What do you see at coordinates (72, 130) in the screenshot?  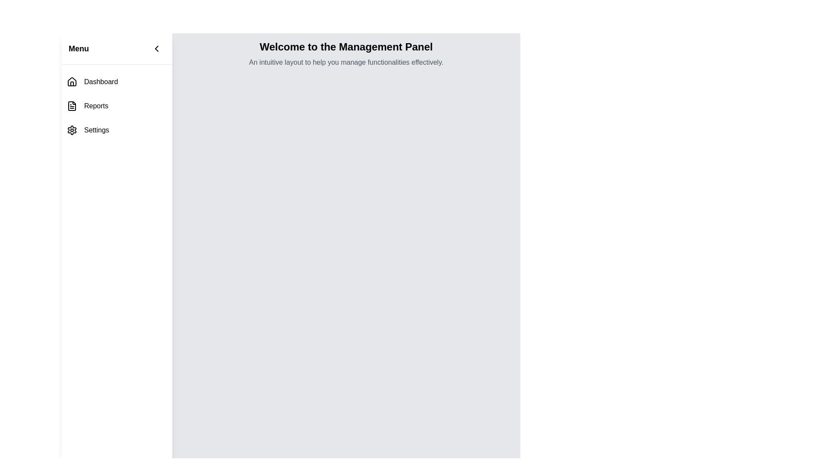 I see `the 'Settings' icon in the left side navigation menu` at bounding box center [72, 130].